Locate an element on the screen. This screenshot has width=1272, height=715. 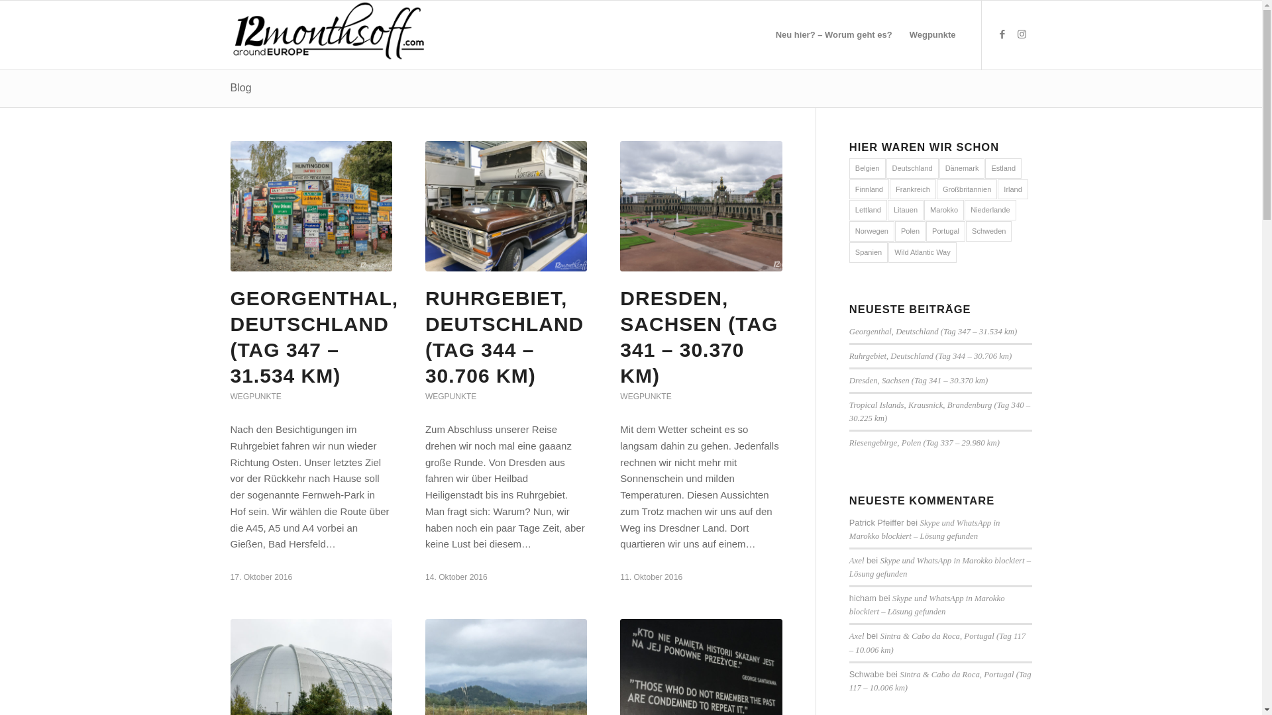
'Litauen' is located at coordinates (905, 209).